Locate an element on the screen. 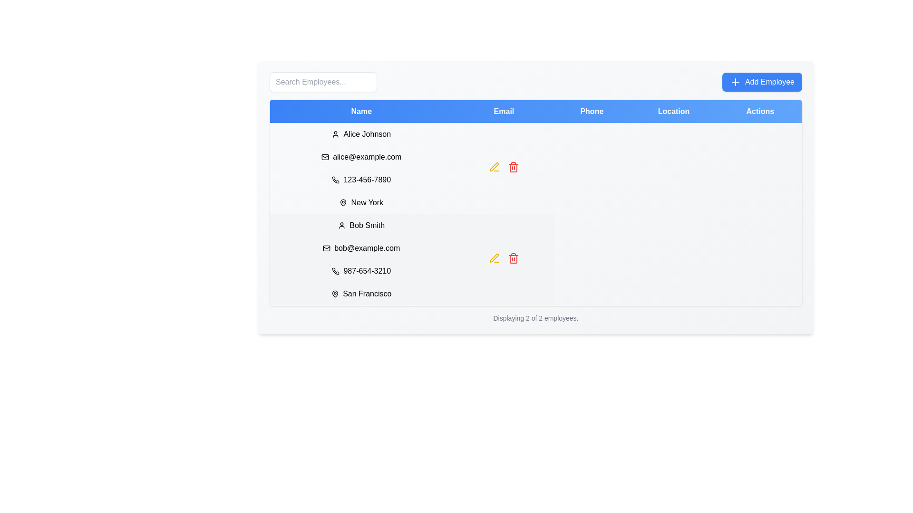  the mail icon, which is a small envelope-shaped SVG located in the 'Email' column next to the email text 'alice@example.com' is located at coordinates (325, 157).